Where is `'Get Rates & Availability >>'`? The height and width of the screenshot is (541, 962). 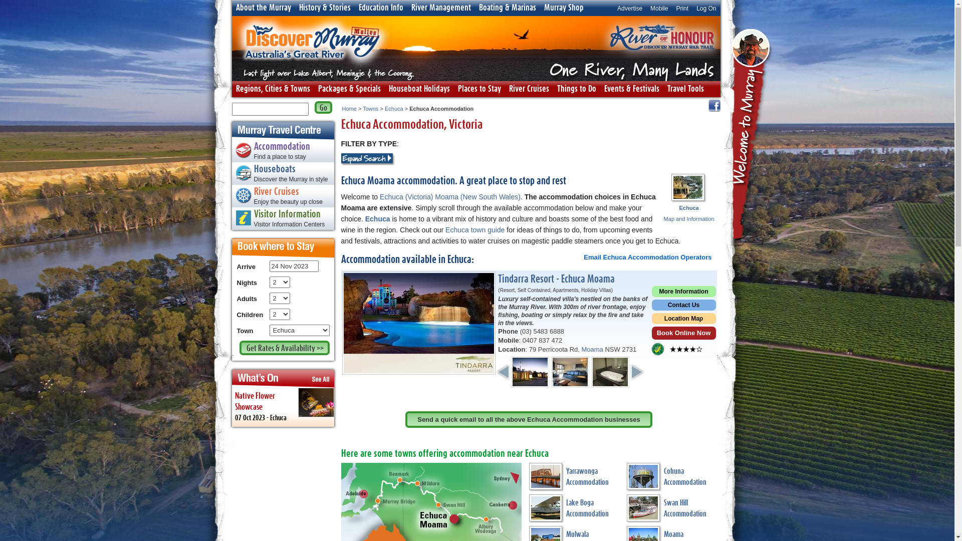 'Get Rates & Availability >>' is located at coordinates (284, 347).